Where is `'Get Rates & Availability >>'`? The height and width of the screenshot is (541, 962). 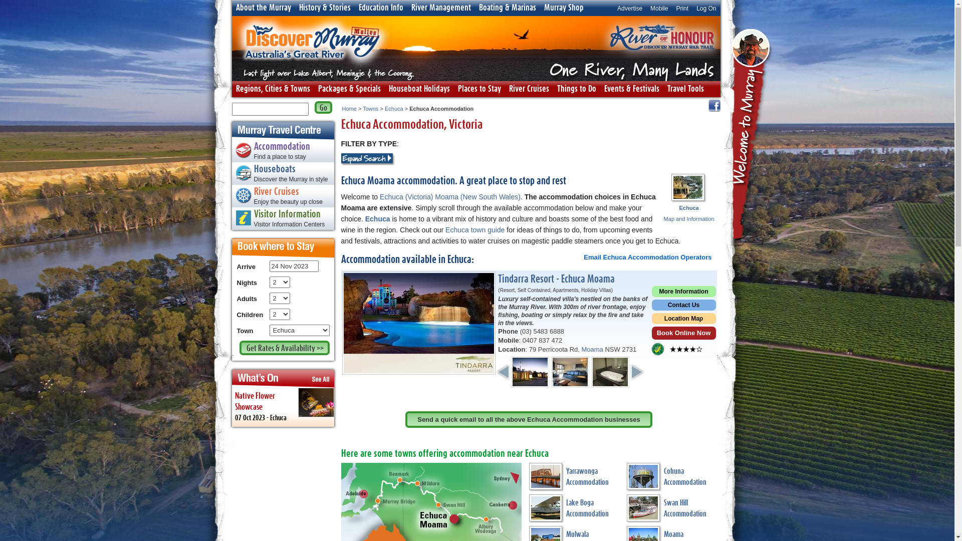 'Get Rates & Availability >>' is located at coordinates (284, 347).